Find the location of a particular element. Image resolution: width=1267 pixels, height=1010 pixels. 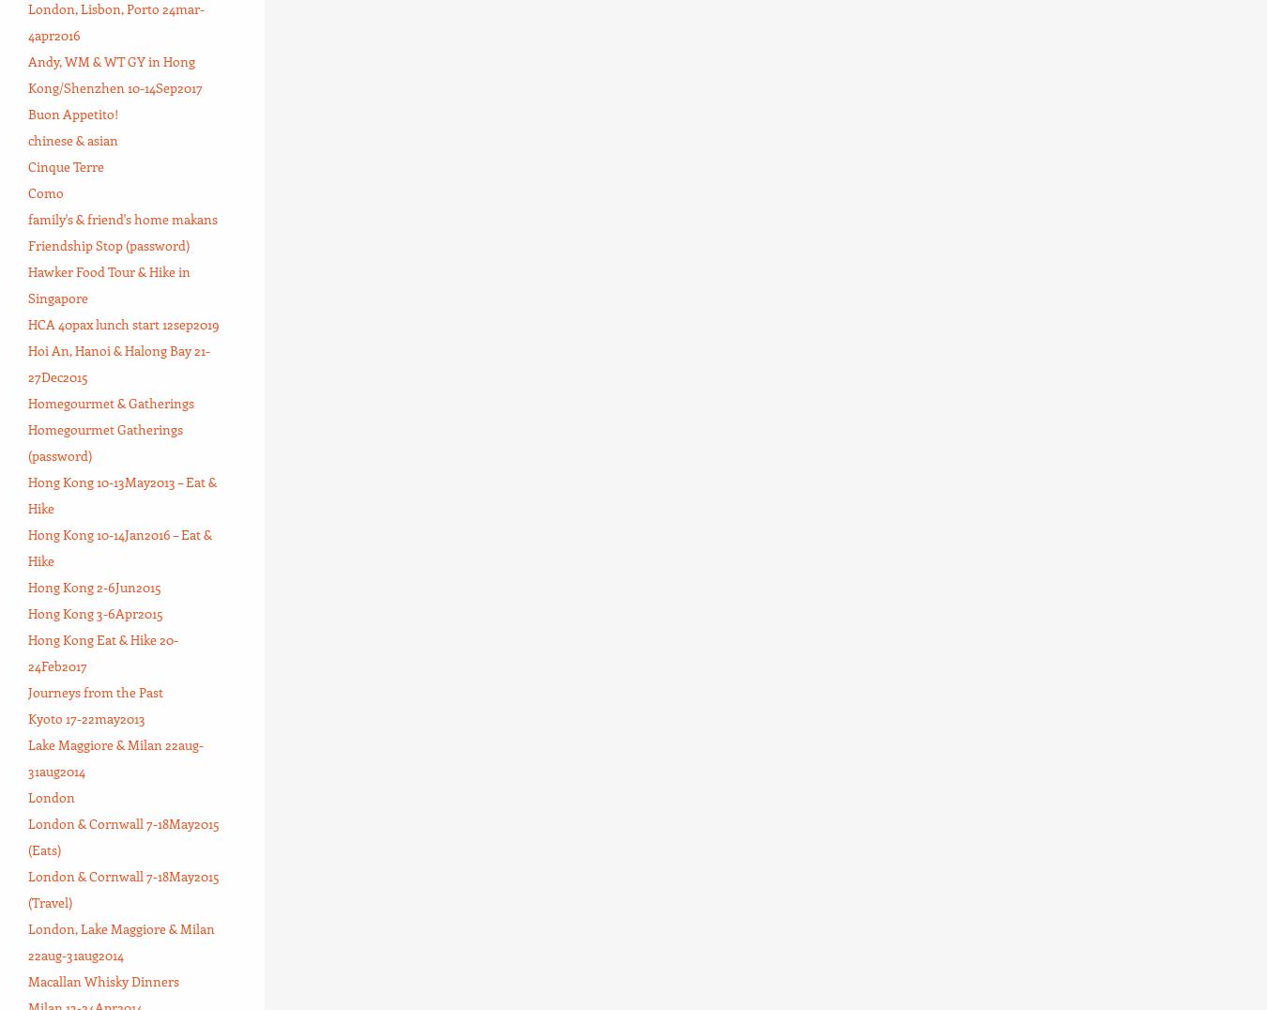

'Hong Kong 2-6Jun2015' is located at coordinates (93, 586).